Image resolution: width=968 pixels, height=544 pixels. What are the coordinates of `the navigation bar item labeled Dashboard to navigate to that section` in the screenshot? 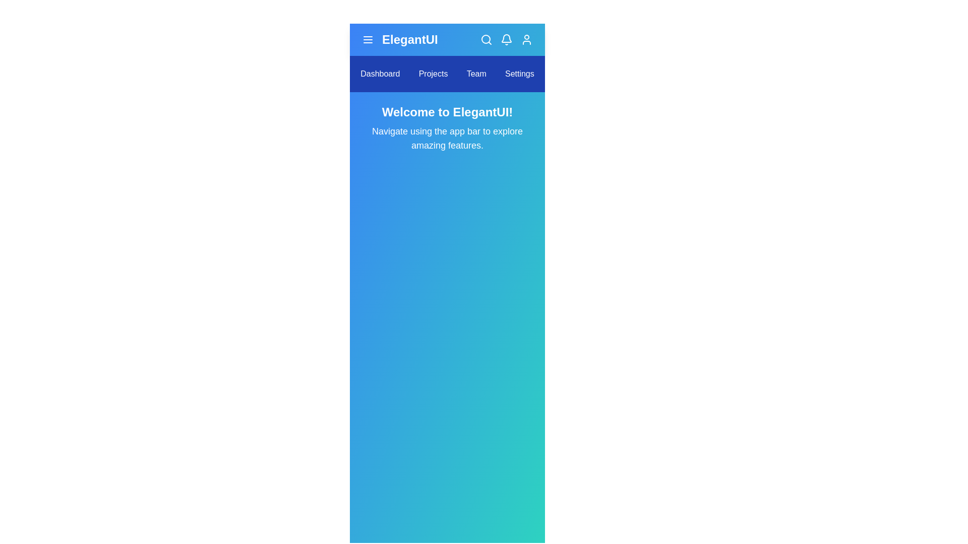 It's located at (379, 73).